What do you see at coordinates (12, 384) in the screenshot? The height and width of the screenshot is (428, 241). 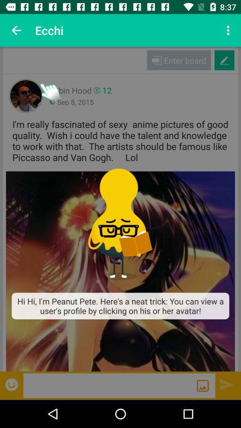 I see `open emojis` at bounding box center [12, 384].